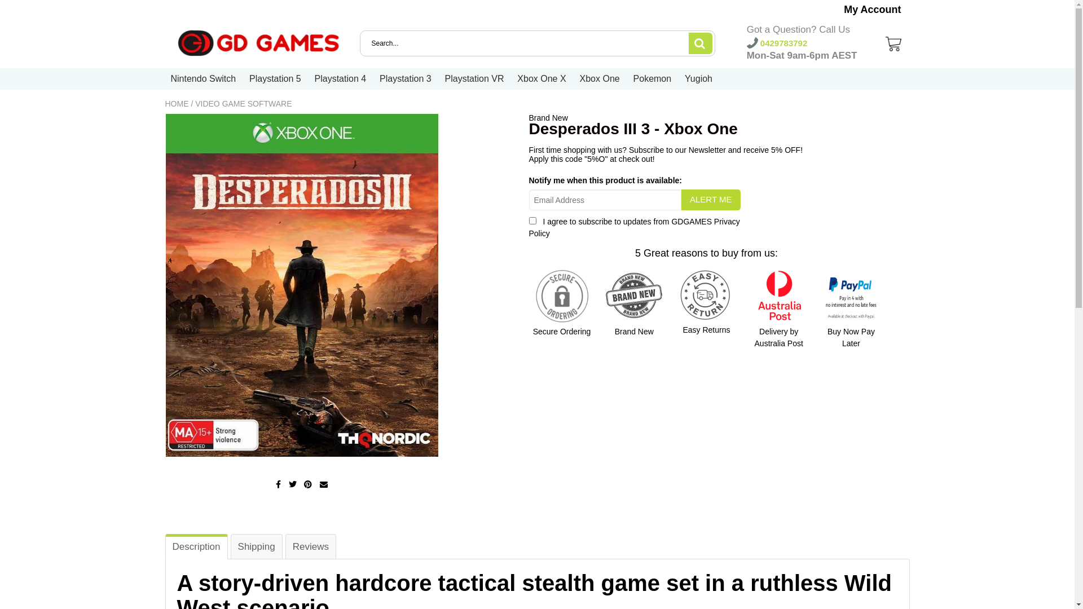 The image size is (1083, 609). Describe the element at coordinates (776, 42) in the screenshot. I see `'0429783792'` at that location.